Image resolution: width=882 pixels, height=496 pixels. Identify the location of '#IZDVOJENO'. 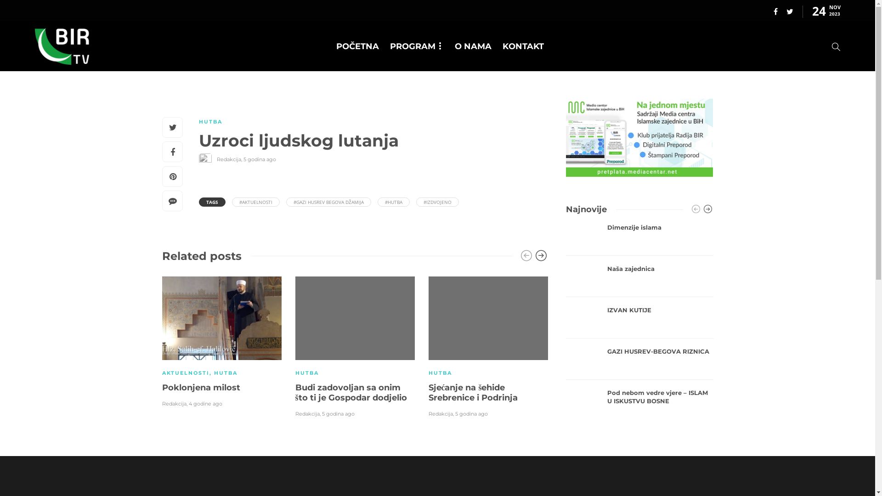
(437, 201).